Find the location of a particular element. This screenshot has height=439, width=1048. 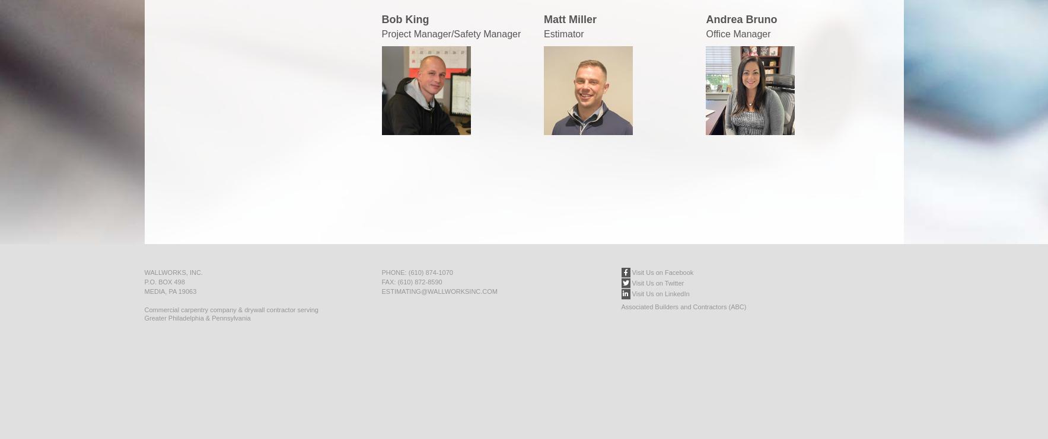

'Greater Philadelphia & Pennsylvania' is located at coordinates (197, 318).